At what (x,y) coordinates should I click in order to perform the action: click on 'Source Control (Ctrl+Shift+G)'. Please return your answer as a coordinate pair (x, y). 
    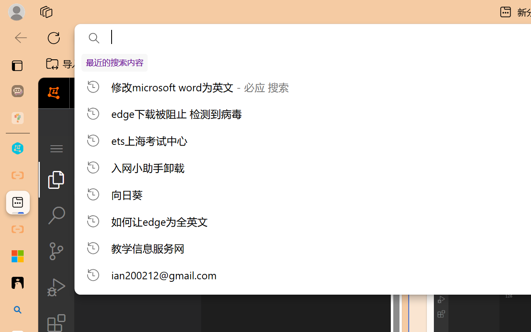
    Looking at the image, I should click on (56, 251).